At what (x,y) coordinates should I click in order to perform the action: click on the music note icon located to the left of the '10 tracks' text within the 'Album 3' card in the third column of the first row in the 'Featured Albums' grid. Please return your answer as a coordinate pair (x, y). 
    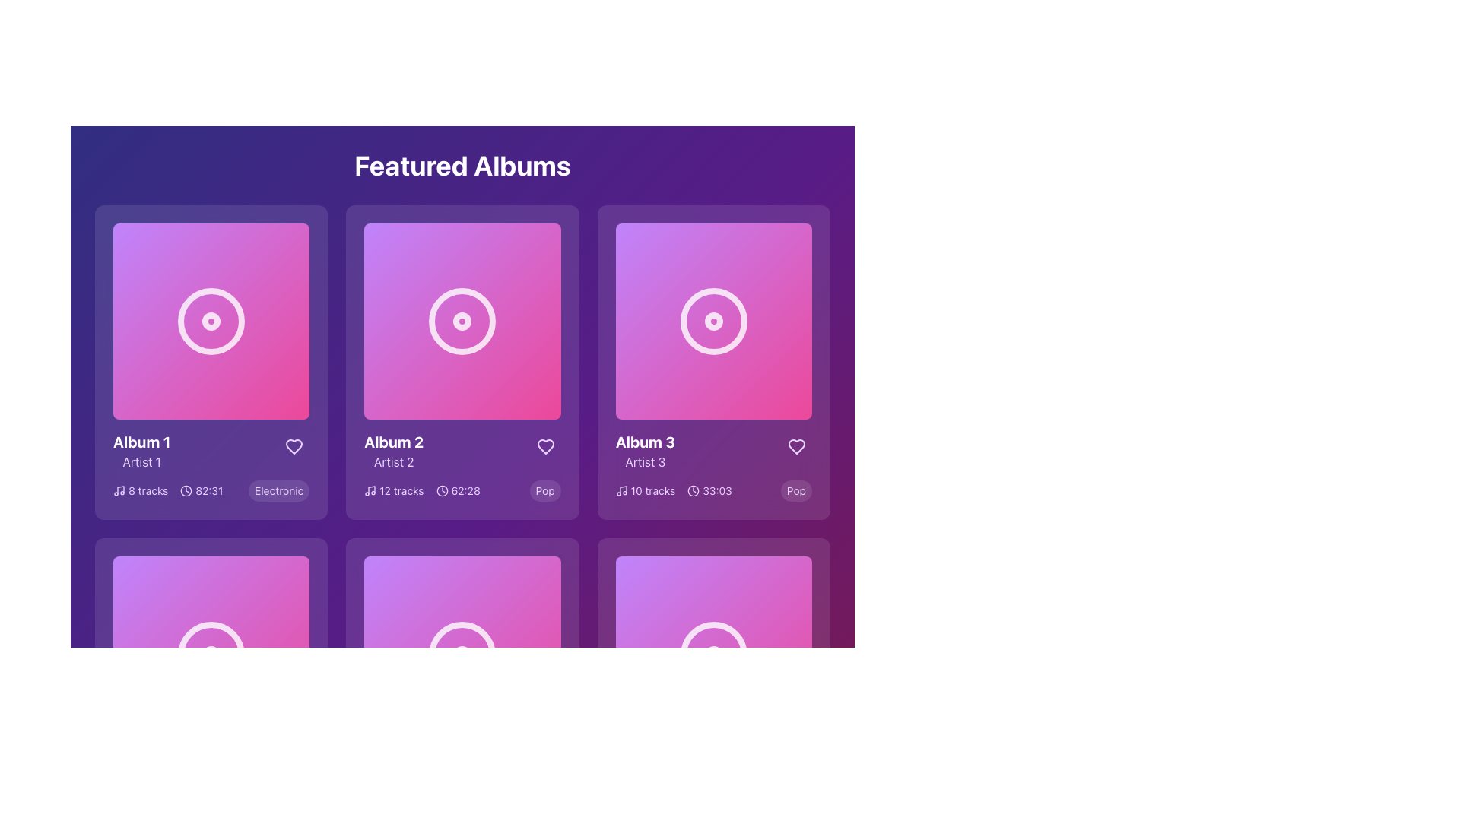
    Looking at the image, I should click on (621, 491).